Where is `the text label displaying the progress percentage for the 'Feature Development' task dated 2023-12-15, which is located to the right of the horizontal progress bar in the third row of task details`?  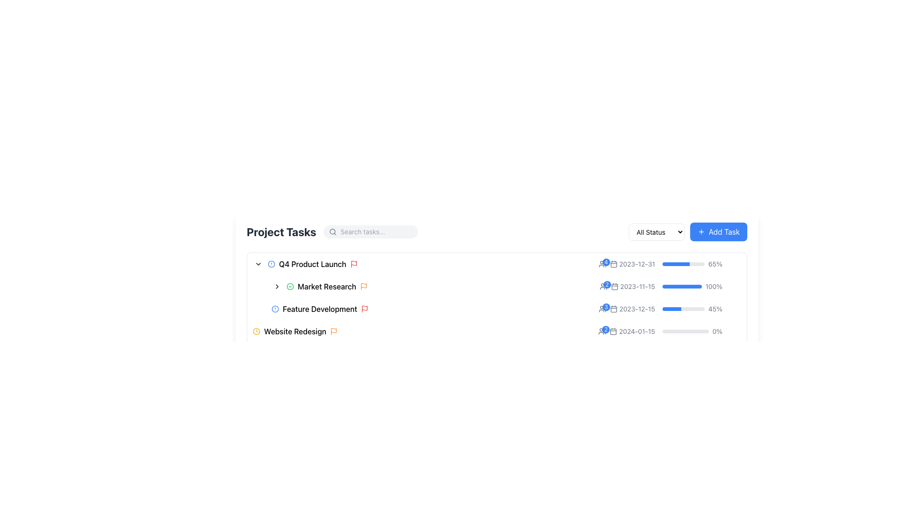
the text label displaying the progress percentage for the 'Feature Development' task dated 2023-12-15, which is located to the right of the horizontal progress bar in the third row of task details is located at coordinates (715, 309).